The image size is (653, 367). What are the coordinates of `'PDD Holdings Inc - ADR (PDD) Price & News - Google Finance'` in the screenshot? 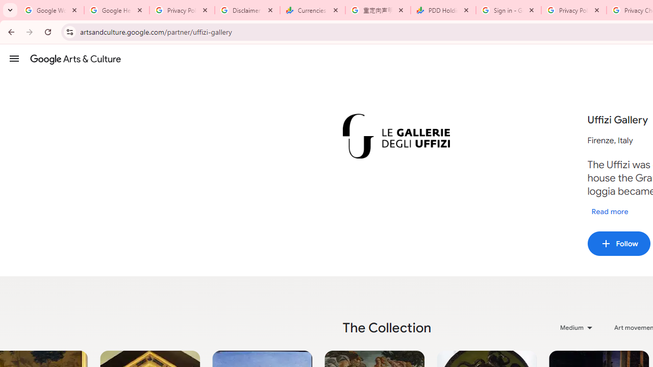 It's located at (443, 10).